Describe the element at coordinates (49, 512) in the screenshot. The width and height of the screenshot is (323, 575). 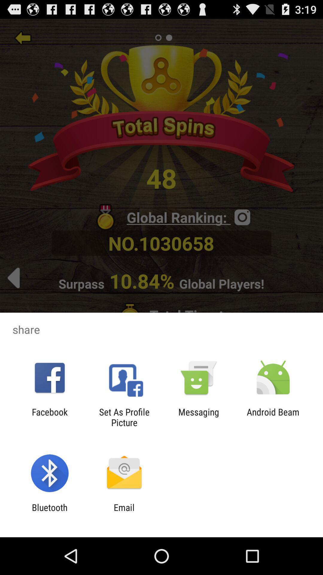
I see `the app next to the email` at that location.